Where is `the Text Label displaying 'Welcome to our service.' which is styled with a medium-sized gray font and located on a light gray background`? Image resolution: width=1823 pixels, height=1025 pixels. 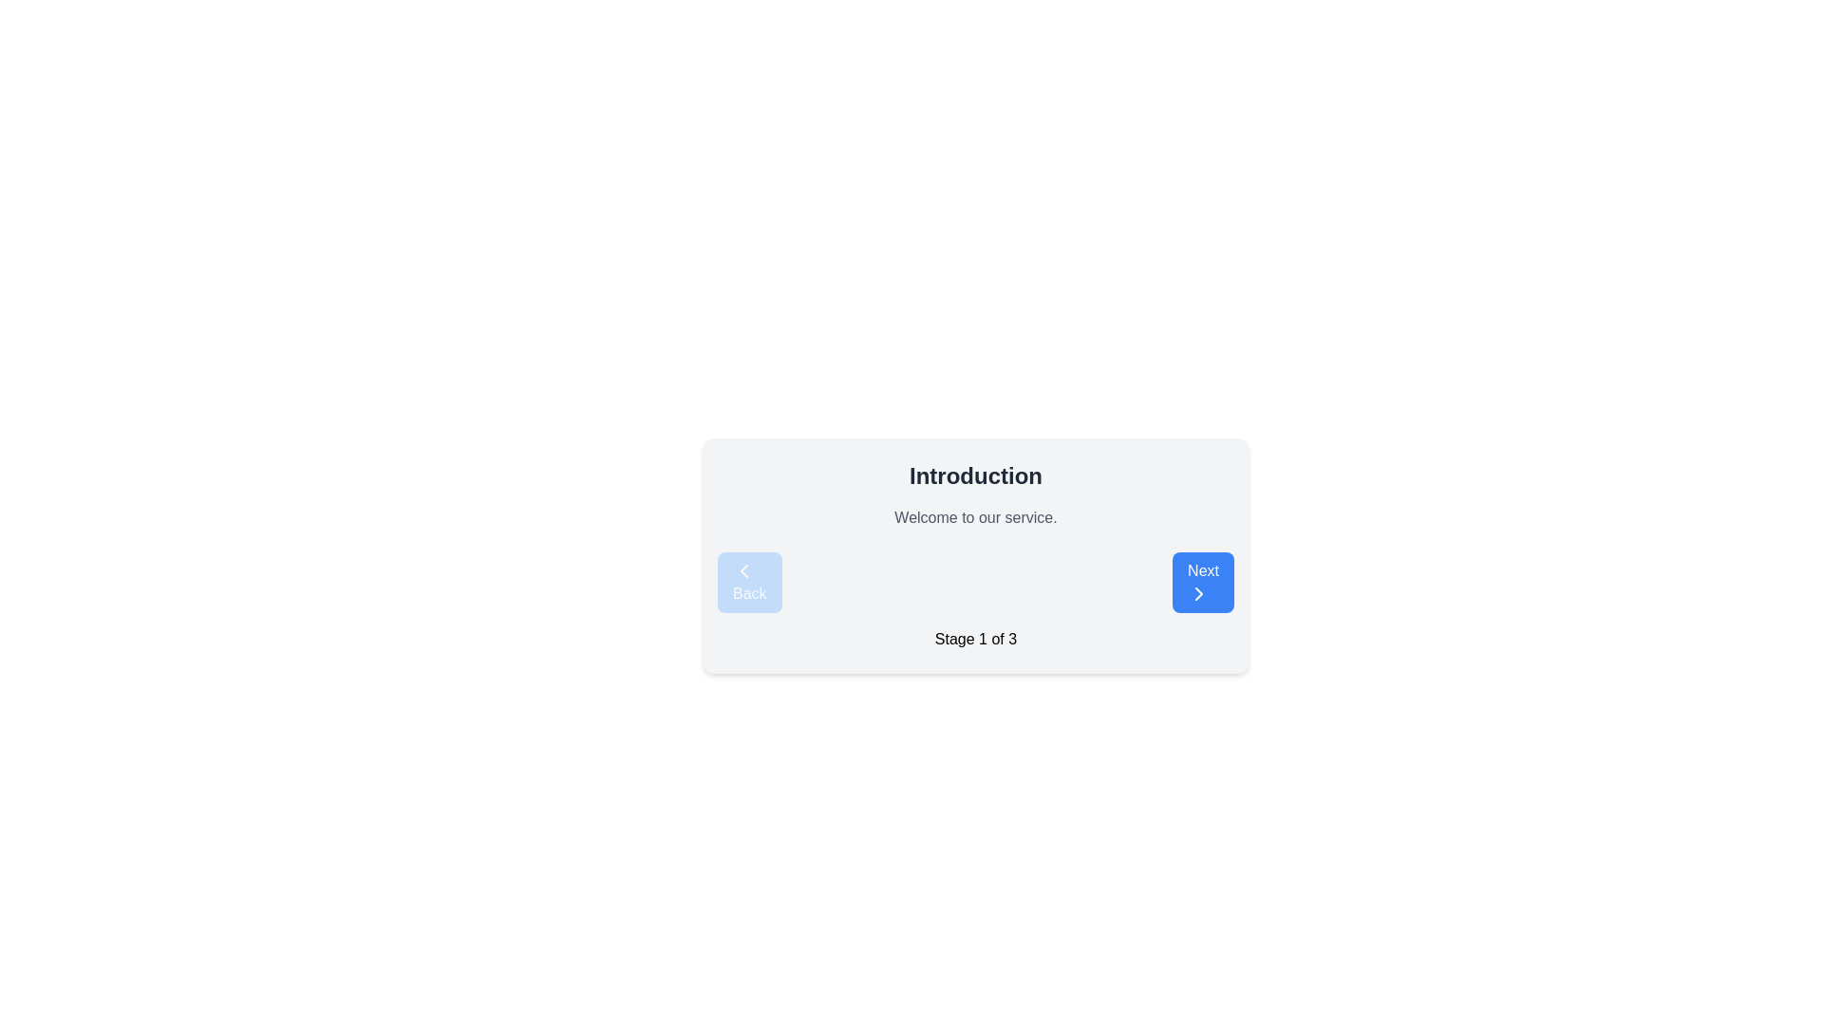
the Text Label displaying 'Welcome to our service.' which is styled with a medium-sized gray font and located on a light gray background is located at coordinates (975, 518).